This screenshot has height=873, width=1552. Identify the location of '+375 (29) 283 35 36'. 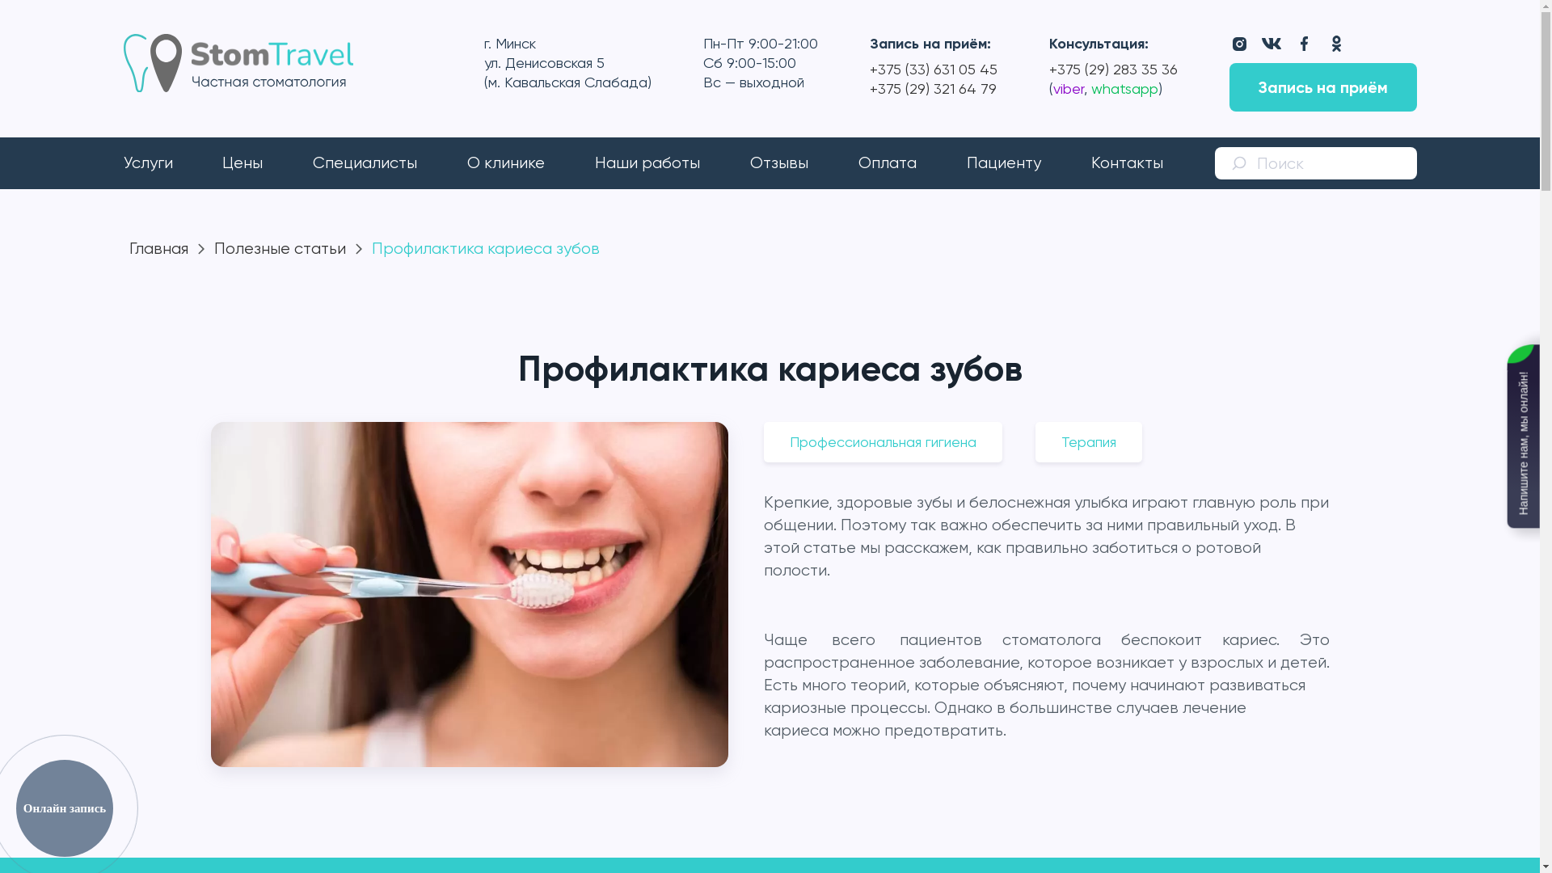
(1112, 68).